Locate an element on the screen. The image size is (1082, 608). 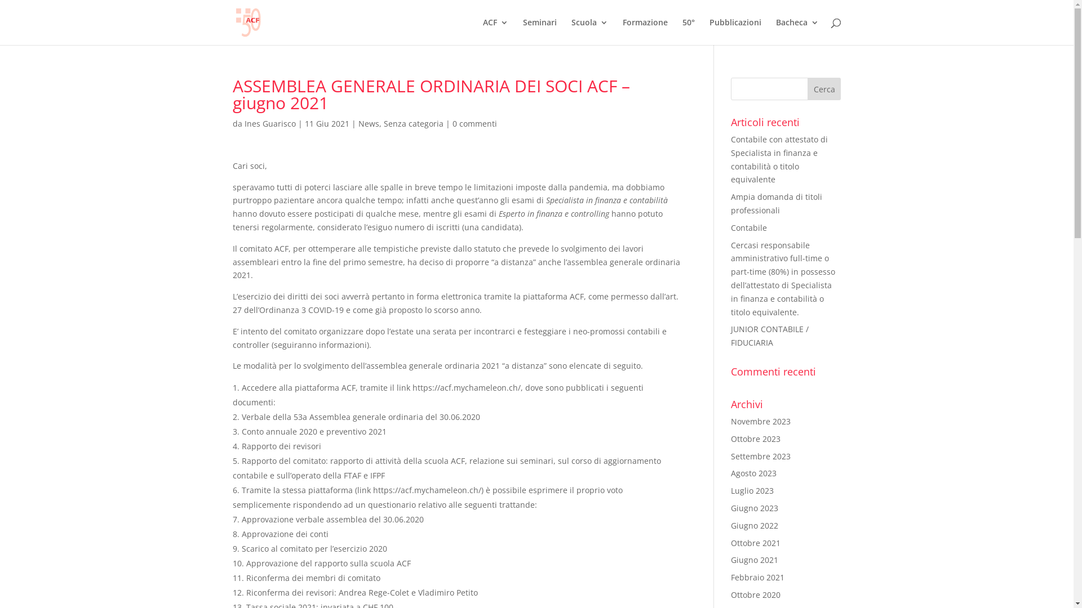
'Bacheca' is located at coordinates (796, 31).